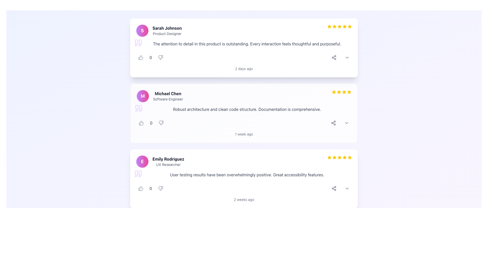  I want to click on the fifth star icon in the five-star rating system, located at the bottom of the review card to the right of the comment text, so click(349, 157).